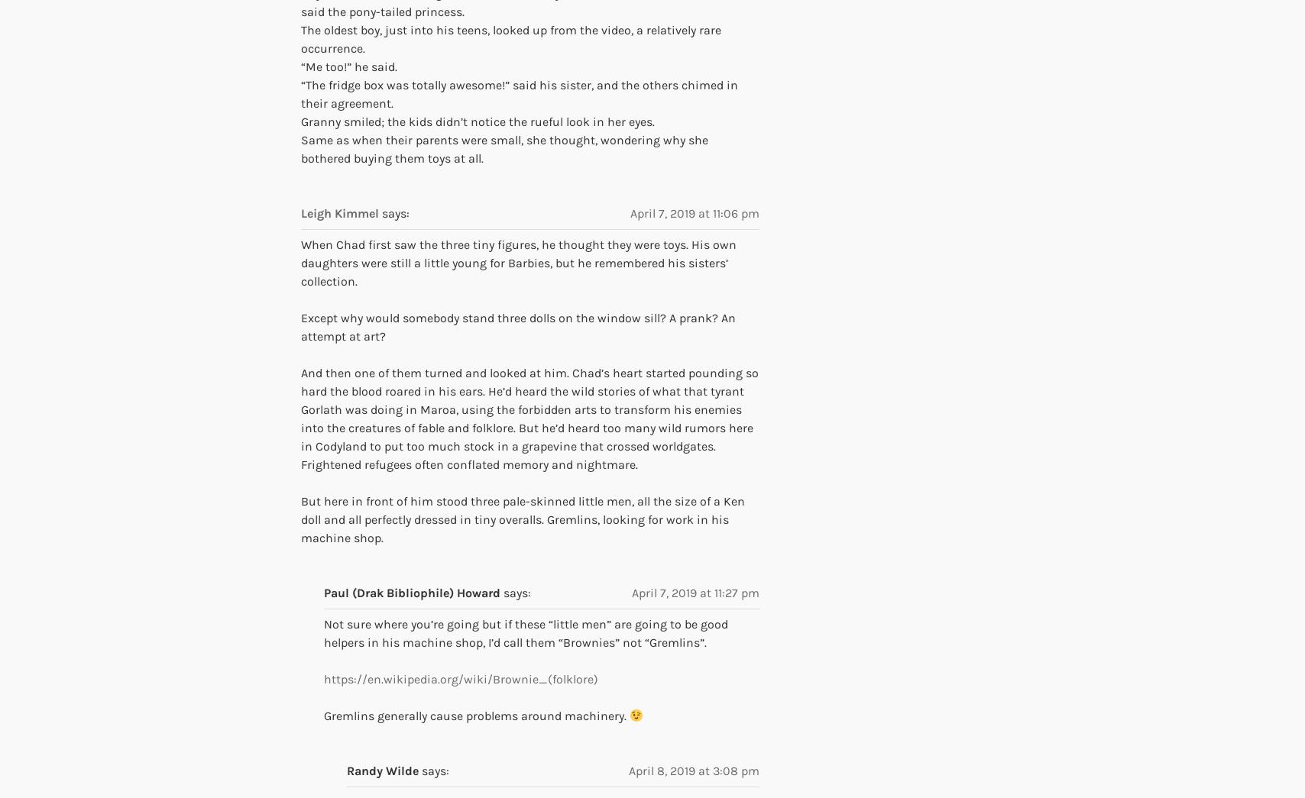  Describe the element at coordinates (339, 212) in the screenshot. I see `'Leigh Kimmel'` at that location.